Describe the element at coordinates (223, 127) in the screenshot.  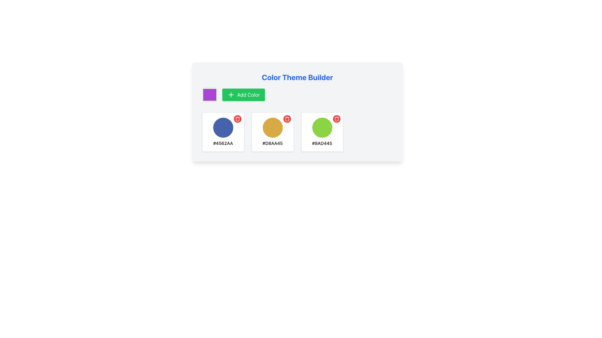
I see `the first circular blue color swatch with a smooth appearance located inside a white bordered box` at that location.